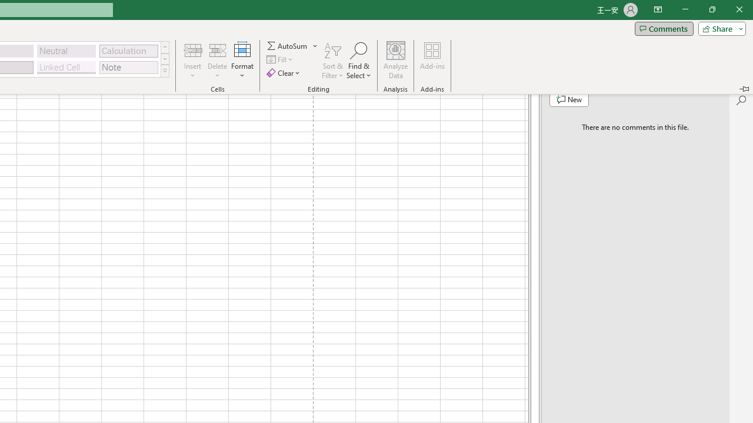 This screenshot has width=753, height=423. Describe the element at coordinates (711, 9) in the screenshot. I see `'Restore Down'` at that location.